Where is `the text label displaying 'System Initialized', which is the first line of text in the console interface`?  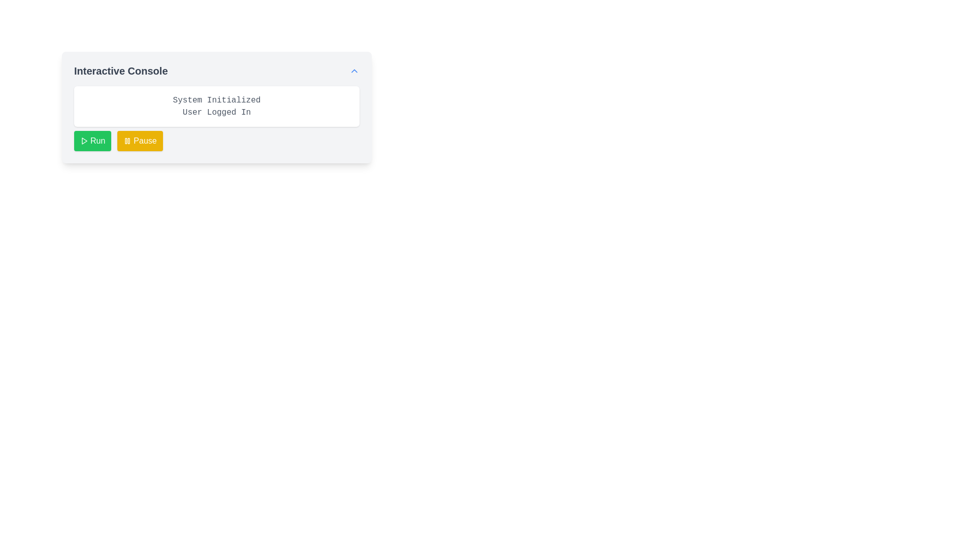 the text label displaying 'System Initialized', which is the first line of text in the console interface is located at coordinates (216, 100).